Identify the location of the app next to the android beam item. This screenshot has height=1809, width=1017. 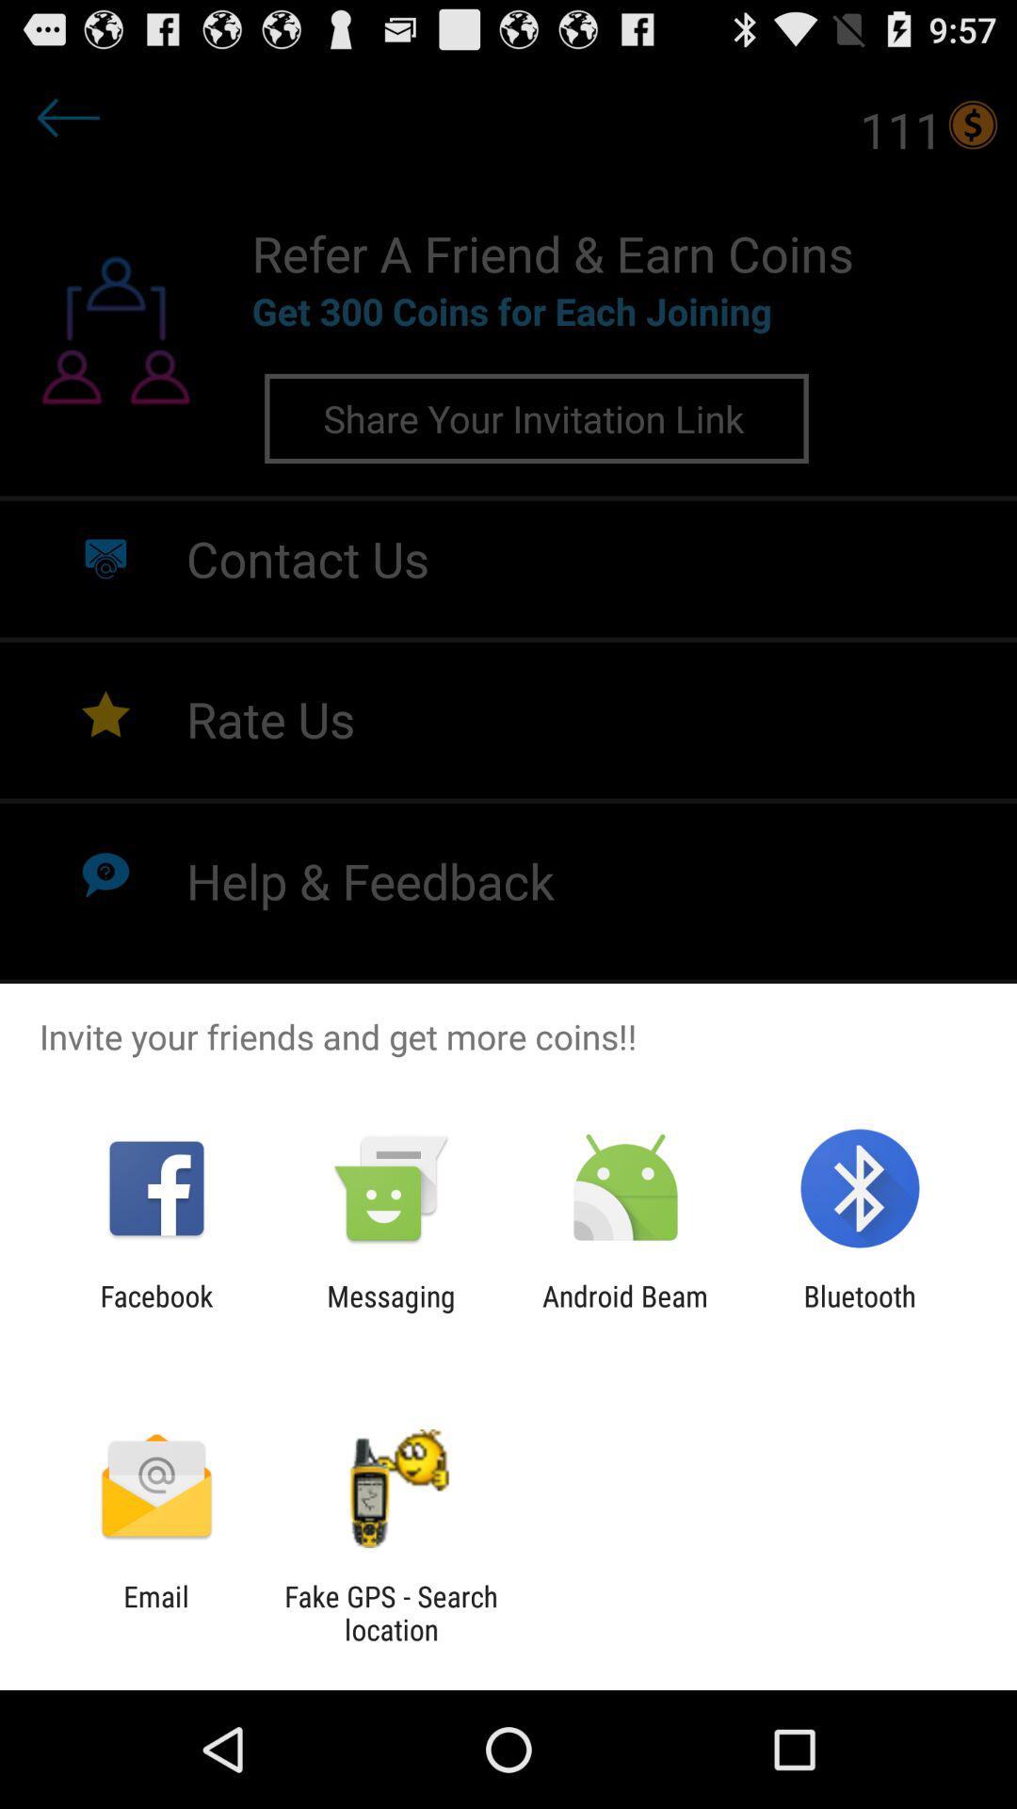
(390, 1312).